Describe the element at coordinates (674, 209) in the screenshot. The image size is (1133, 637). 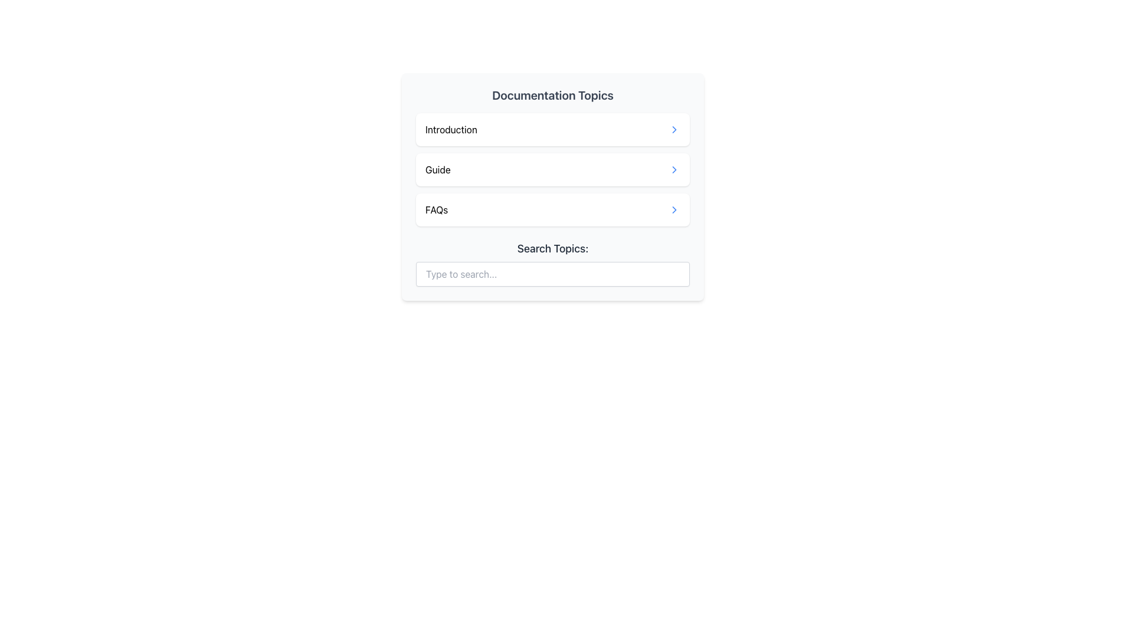
I see `the blue-colored right-facing arrow icon located inside the 'FAQs' button, aligned to the far-right end` at that location.